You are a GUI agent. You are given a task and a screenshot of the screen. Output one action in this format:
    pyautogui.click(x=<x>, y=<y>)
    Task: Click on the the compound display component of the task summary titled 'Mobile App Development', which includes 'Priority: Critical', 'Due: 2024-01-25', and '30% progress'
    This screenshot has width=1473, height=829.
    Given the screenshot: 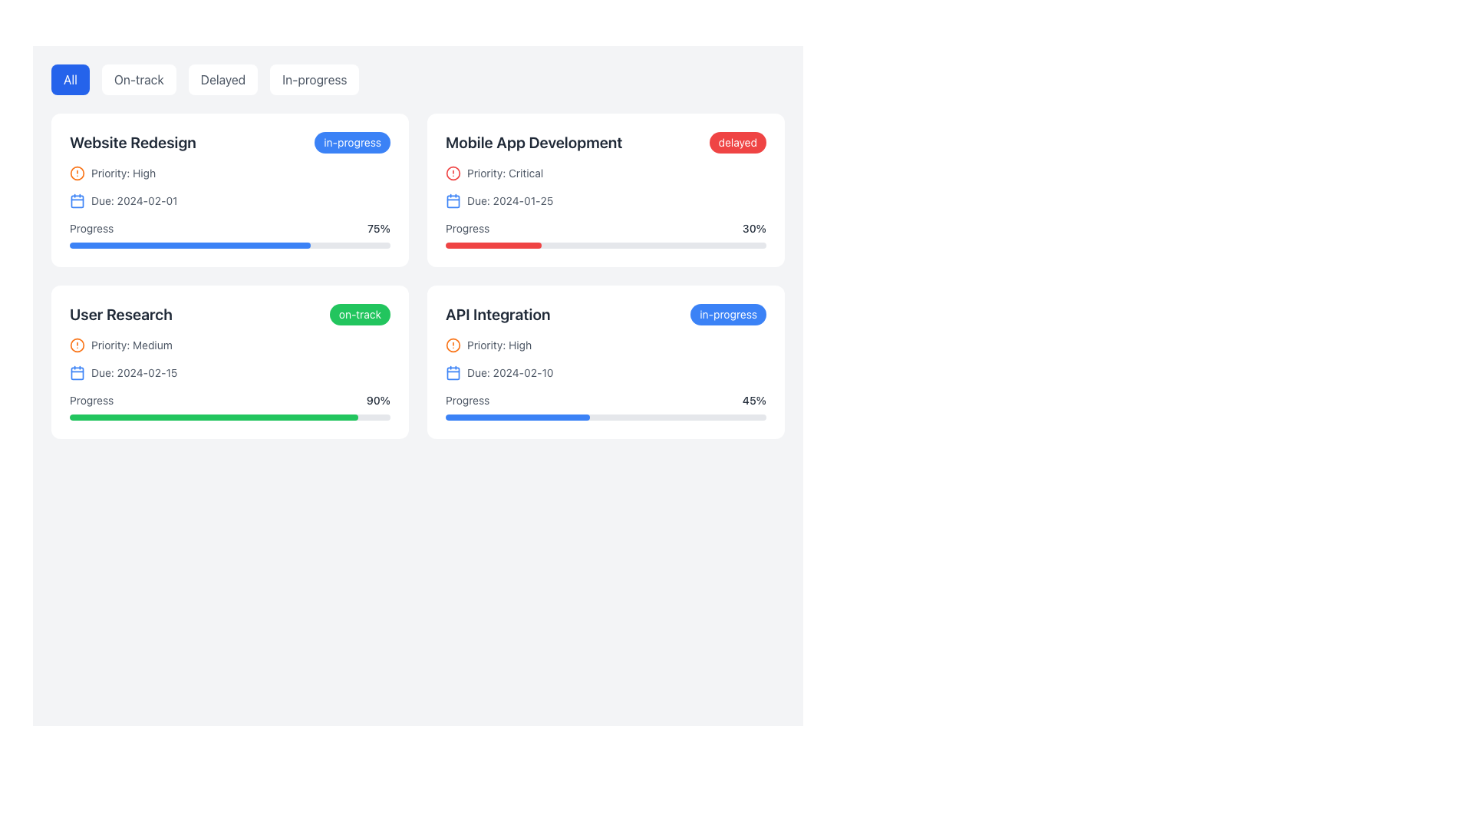 What is the action you would take?
    pyautogui.click(x=605, y=207)
    